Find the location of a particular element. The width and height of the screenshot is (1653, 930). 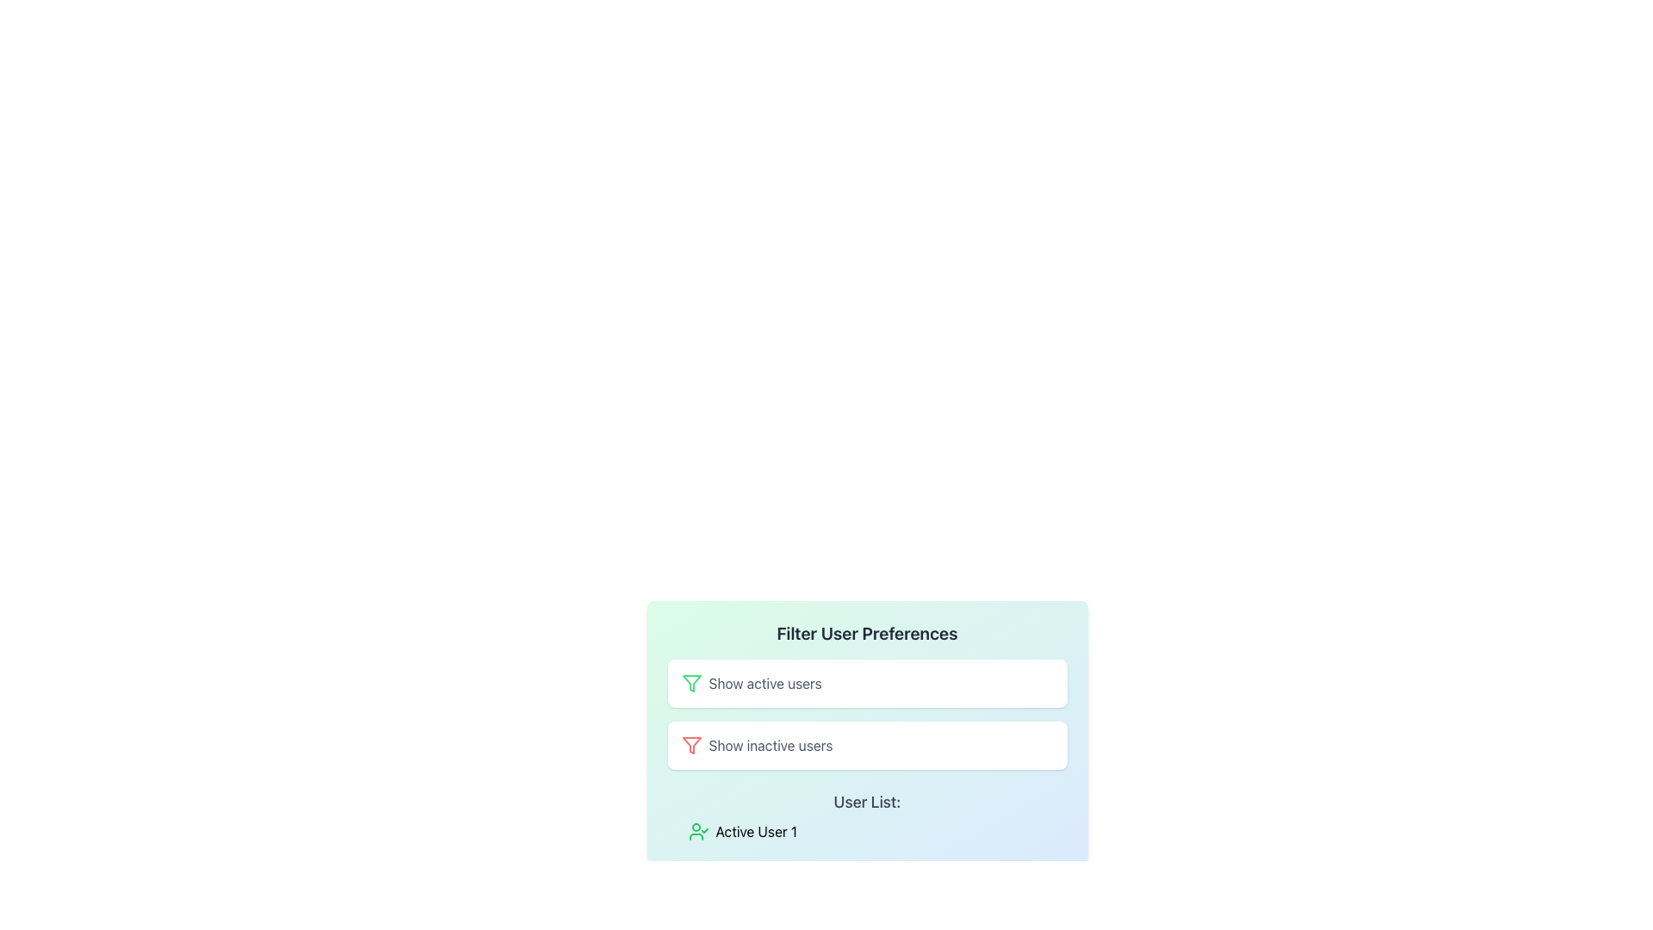

the informational label with icon indicating filter options for displaying active users, located at the top of the 'Filter User Preferences' card is located at coordinates (752, 683).